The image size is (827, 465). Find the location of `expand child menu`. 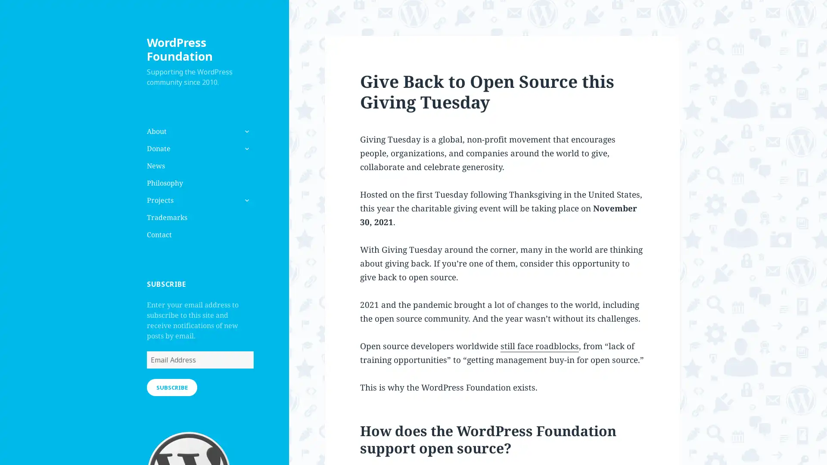

expand child menu is located at coordinates (246, 131).